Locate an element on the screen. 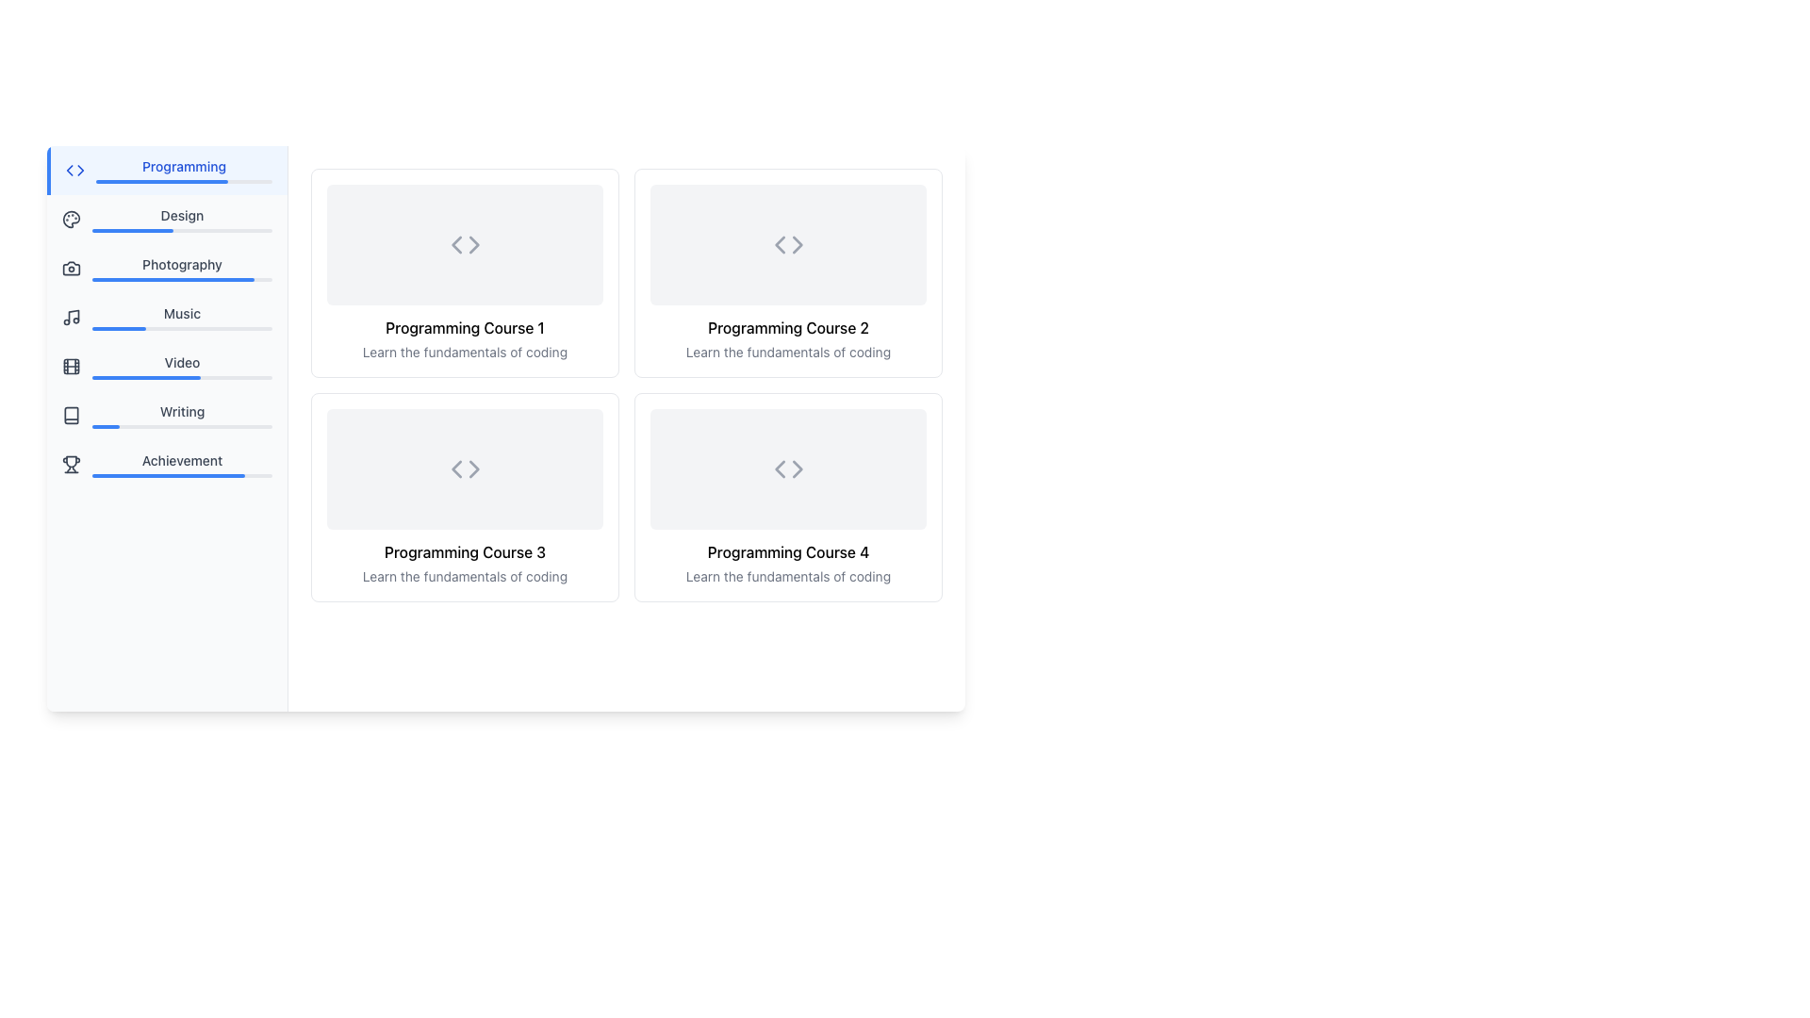  the camera icon in the vertical navigation menu is located at coordinates (72, 269).